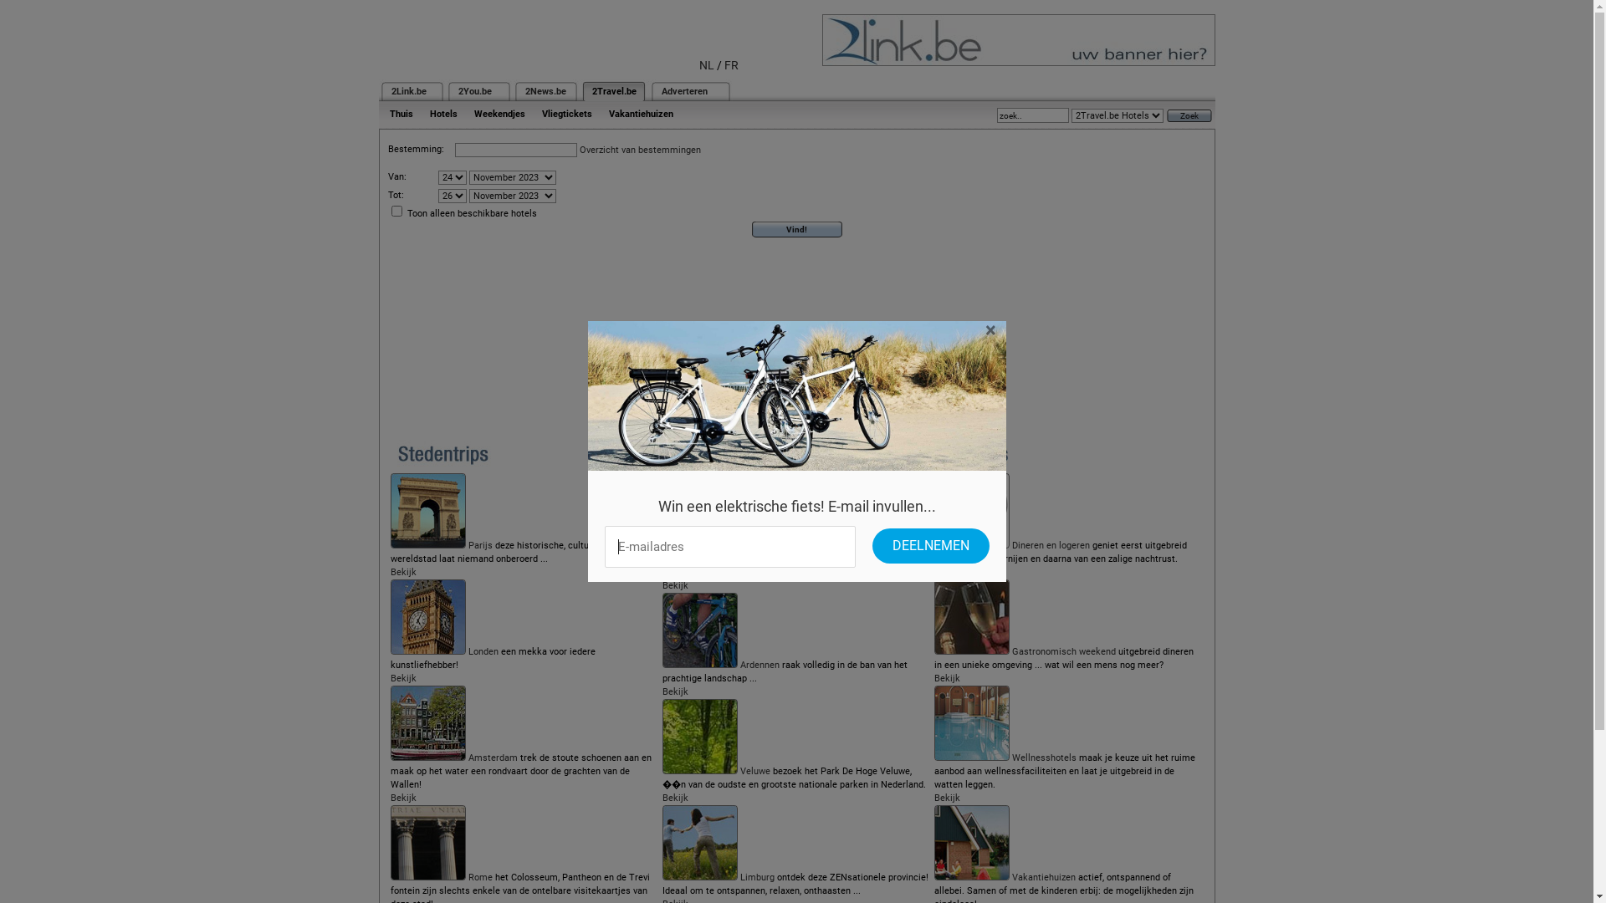 This screenshot has width=1606, height=903. Describe the element at coordinates (706, 64) in the screenshot. I see `'NL'` at that location.